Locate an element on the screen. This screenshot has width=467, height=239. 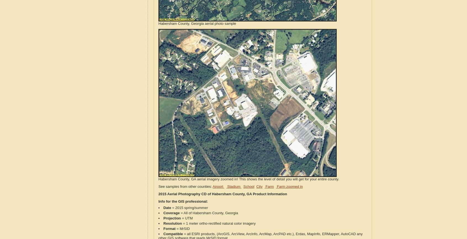
'City' is located at coordinates (259, 186).